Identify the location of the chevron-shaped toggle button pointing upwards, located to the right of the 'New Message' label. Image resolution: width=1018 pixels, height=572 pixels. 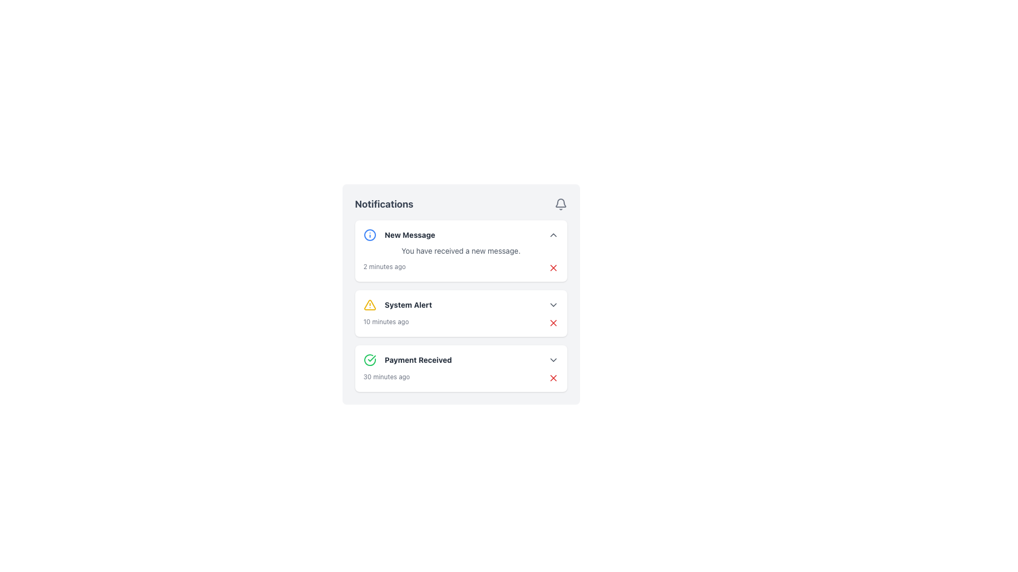
(552, 234).